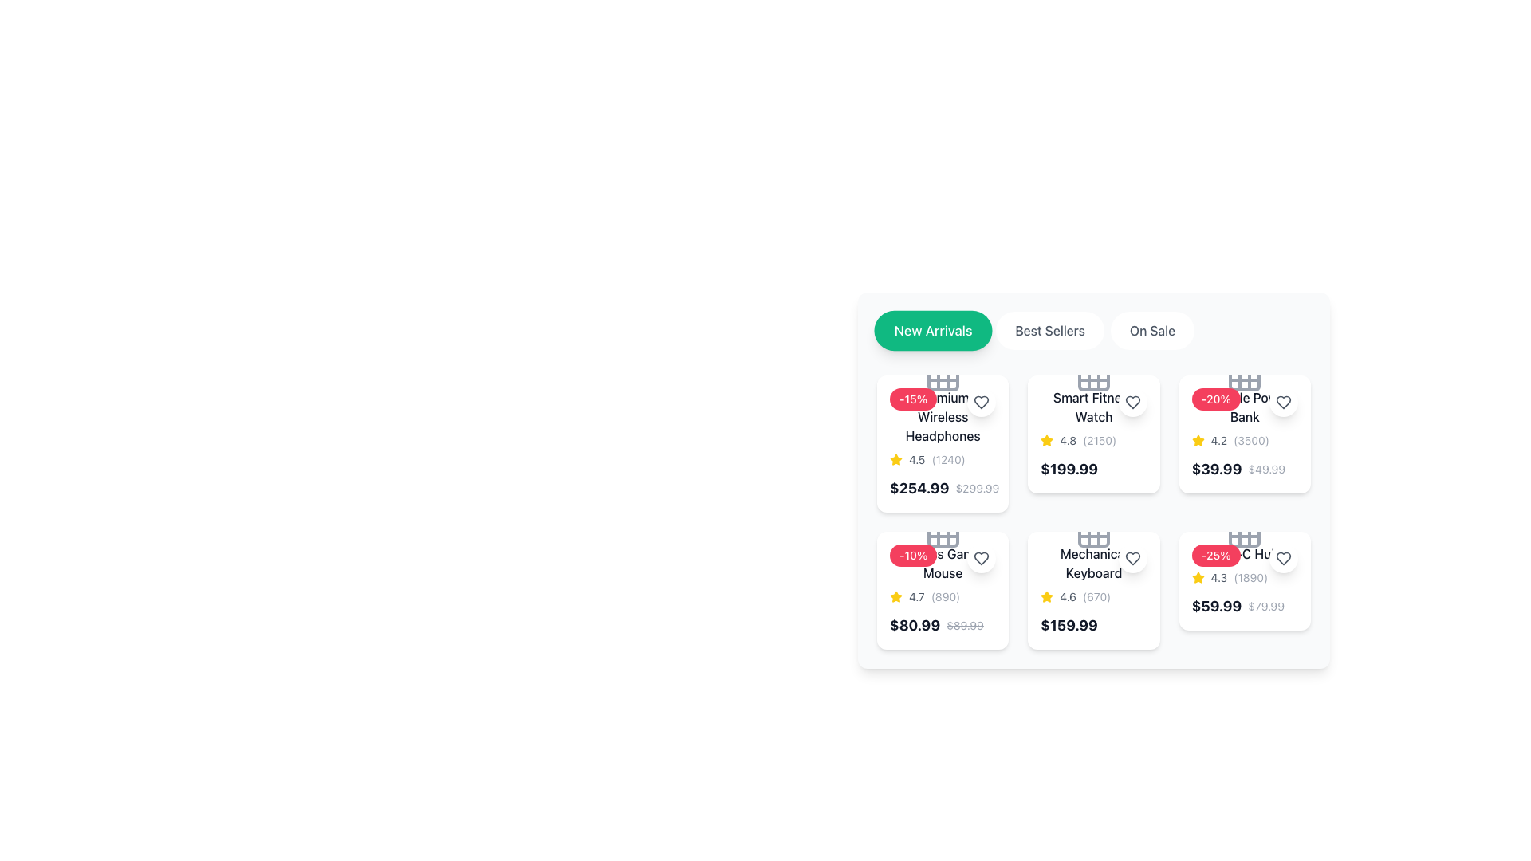  What do you see at coordinates (916, 596) in the screenshot?
I see `the numerical rating value text located in the second row of the product grid, which is part of the rating section of the second card, positioned after the star icon and before the ratings count '(890)'` at bounding box center [916, 596].